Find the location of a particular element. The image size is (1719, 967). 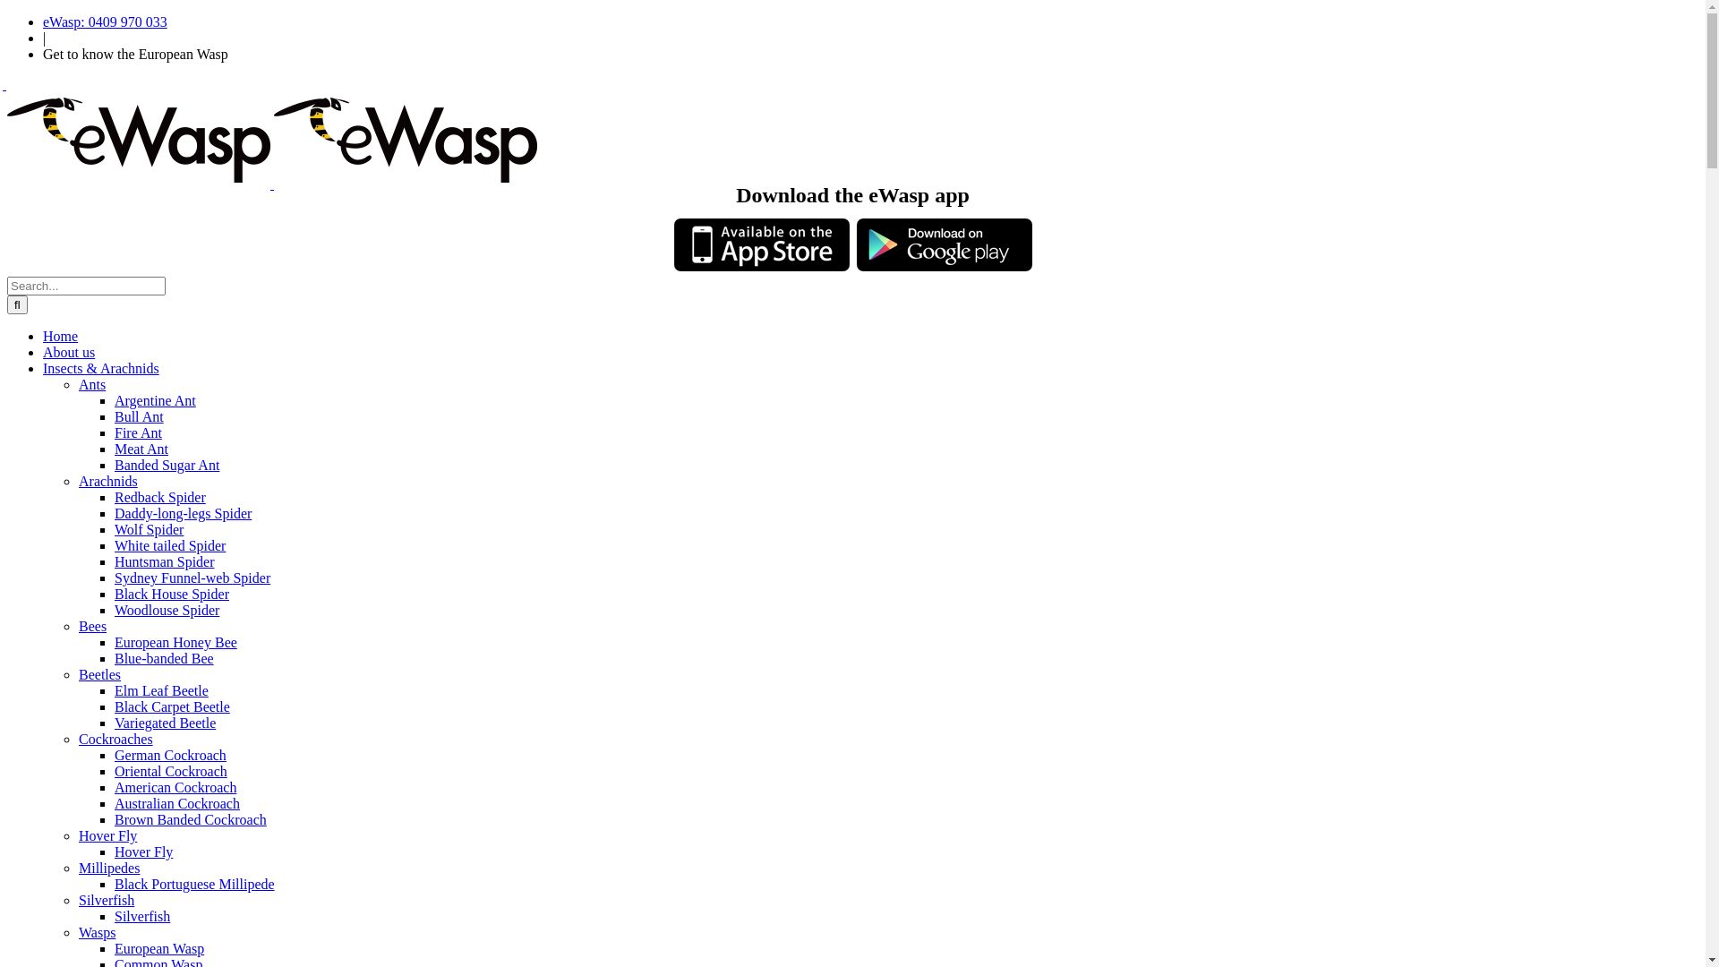

'Fire Ant' is located at coordinates (114, 432).